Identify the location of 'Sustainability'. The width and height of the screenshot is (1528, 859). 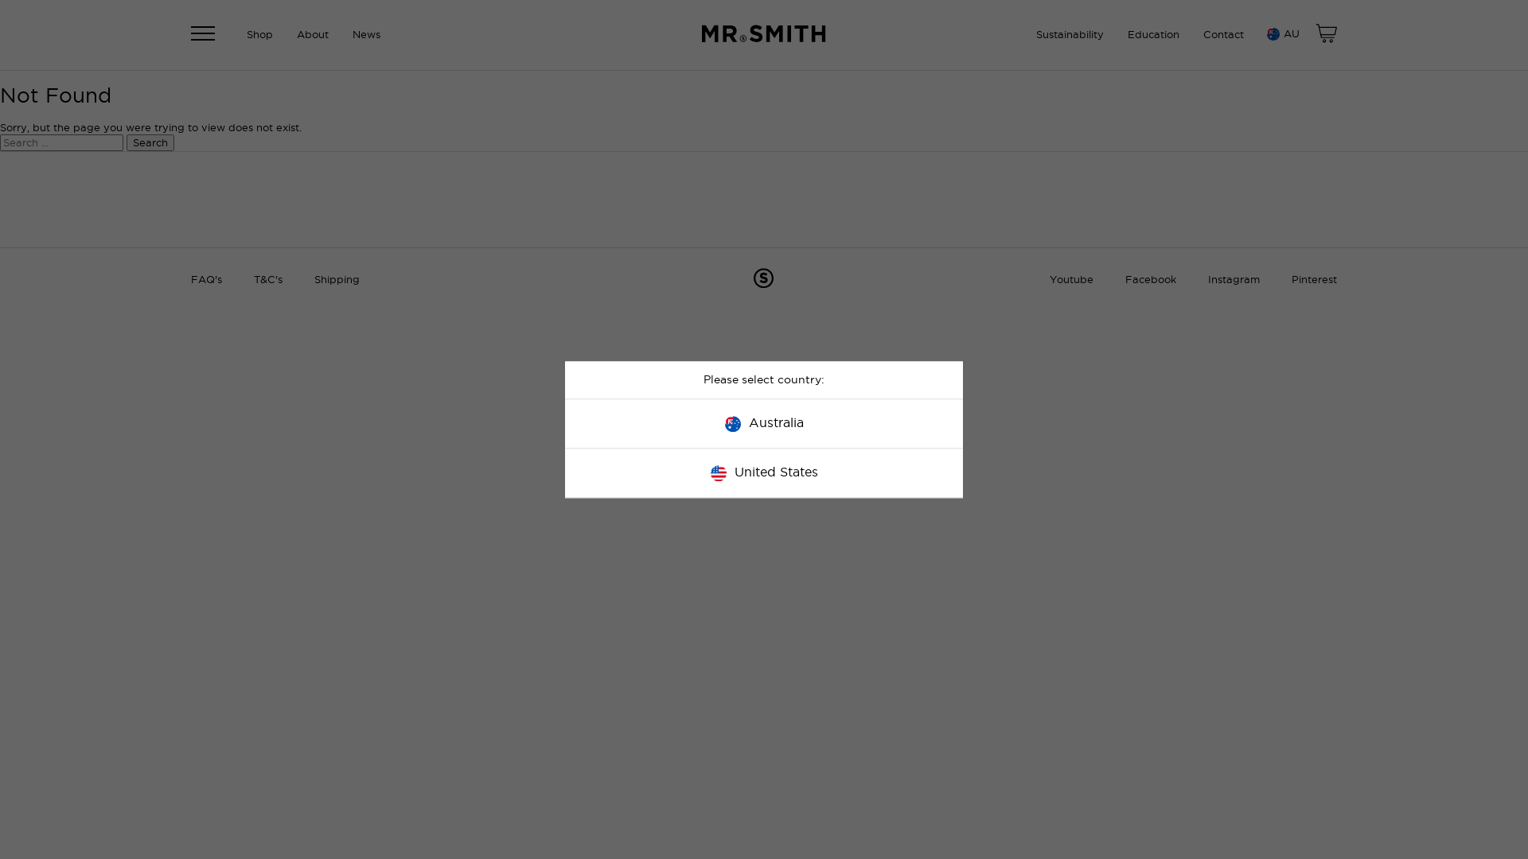
(1070, 34).